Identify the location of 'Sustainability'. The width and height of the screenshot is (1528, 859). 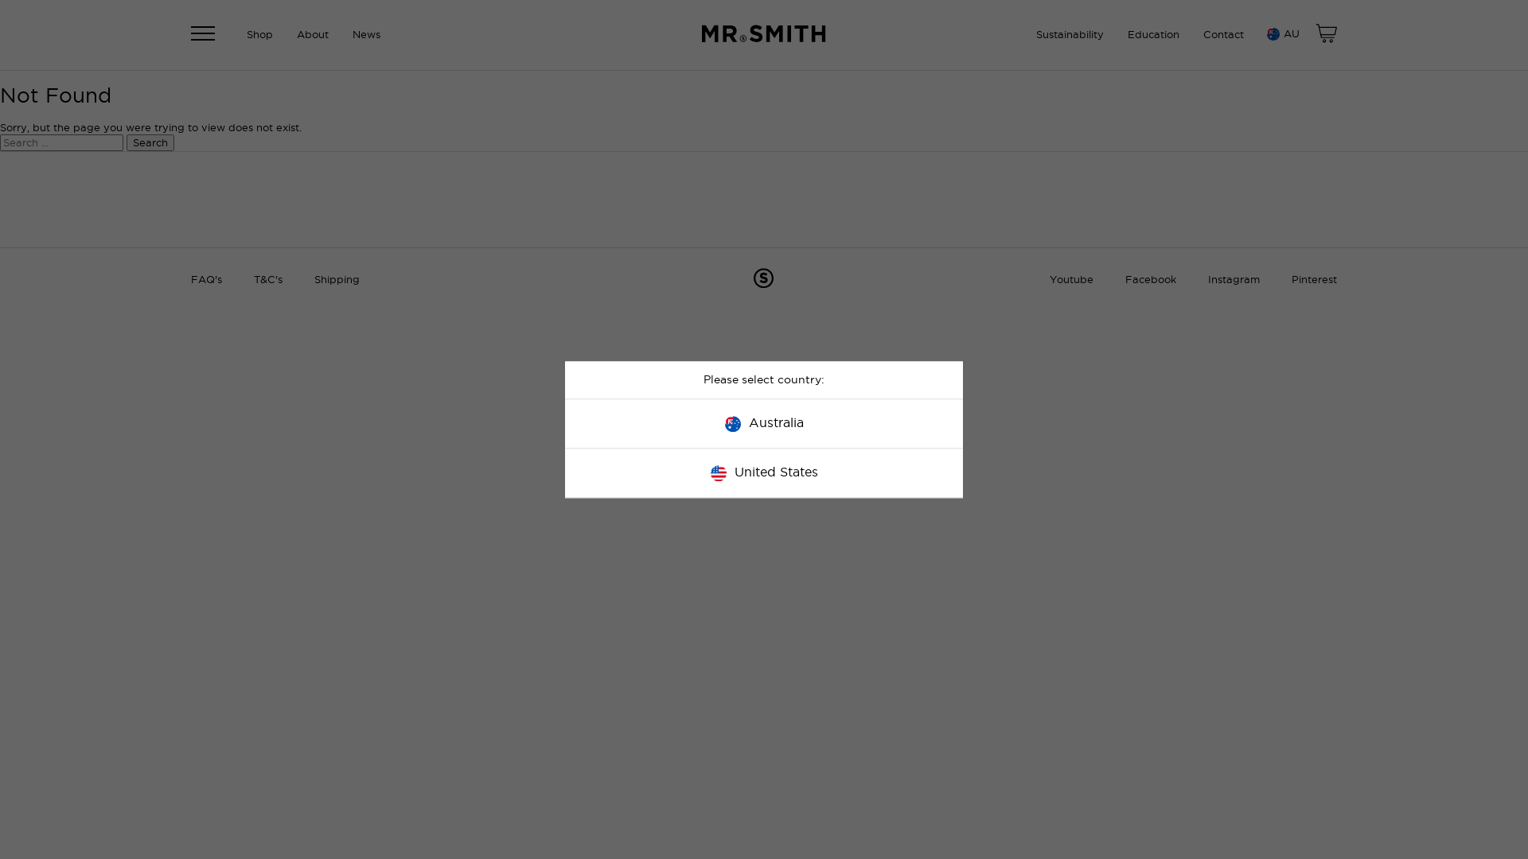
(1070, 34).